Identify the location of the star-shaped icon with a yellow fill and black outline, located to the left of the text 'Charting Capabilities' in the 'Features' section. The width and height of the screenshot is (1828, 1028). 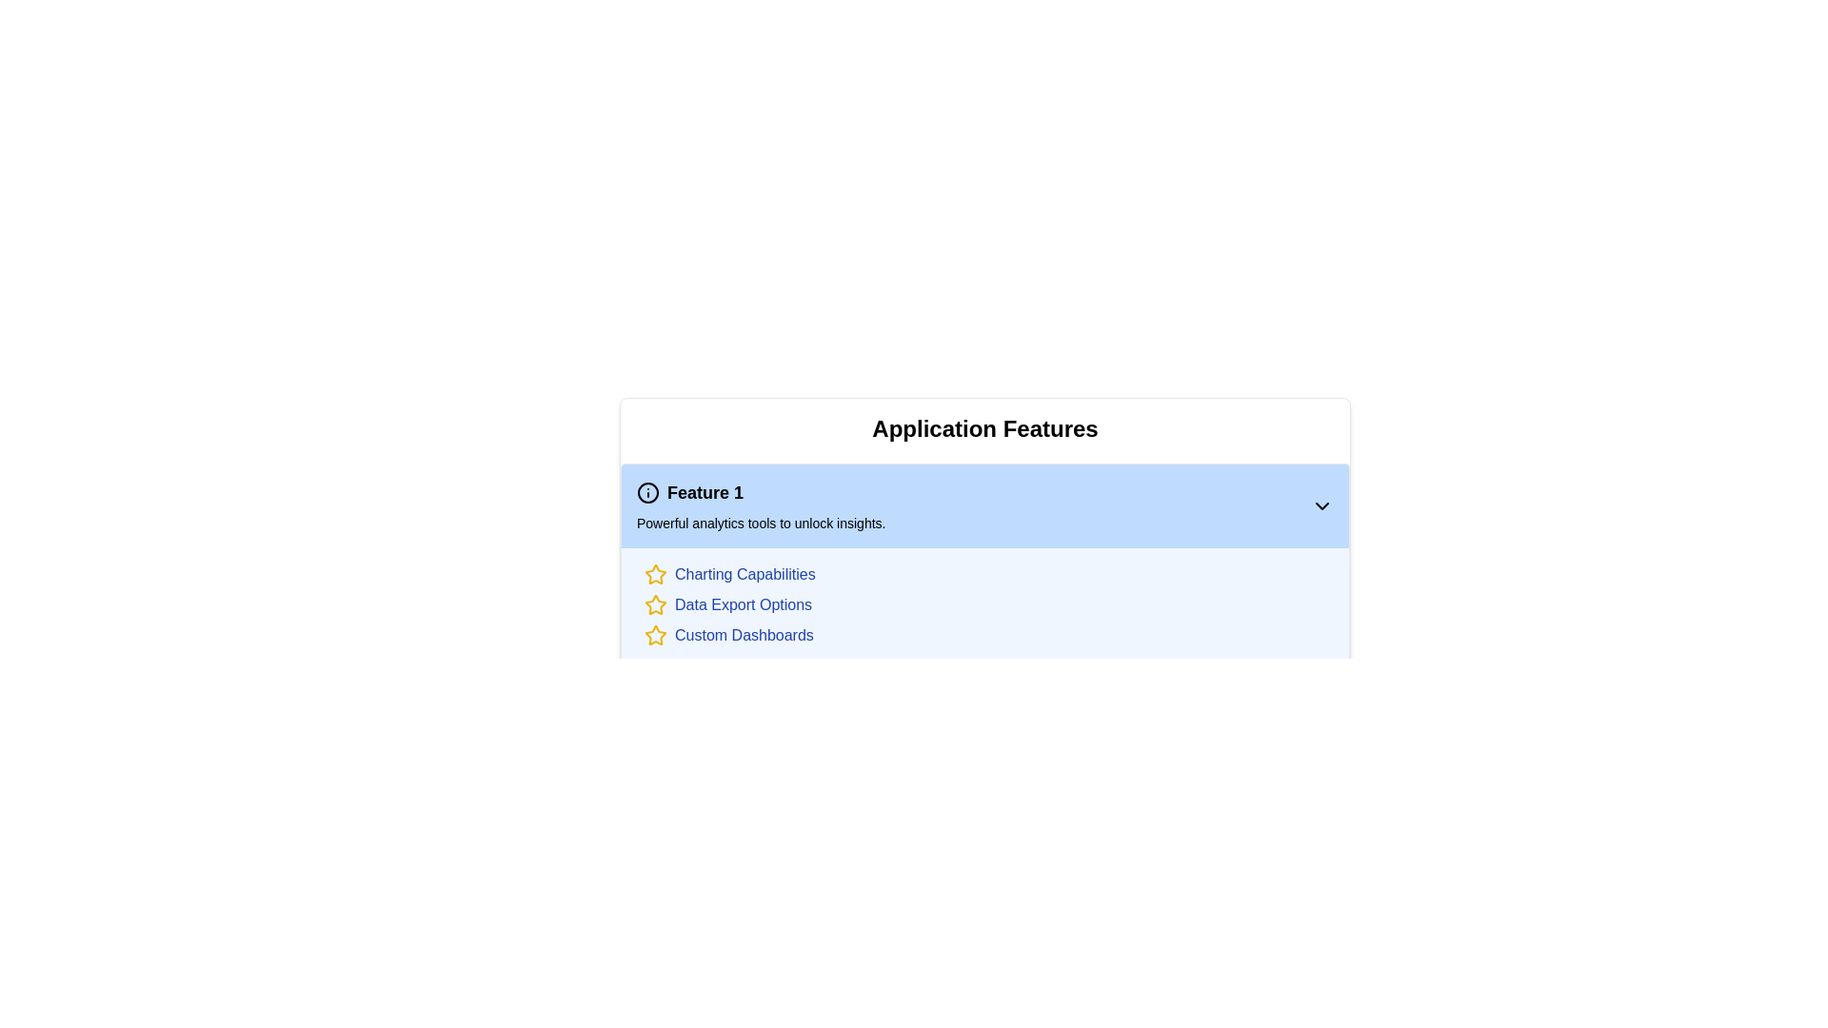
(656, 574).